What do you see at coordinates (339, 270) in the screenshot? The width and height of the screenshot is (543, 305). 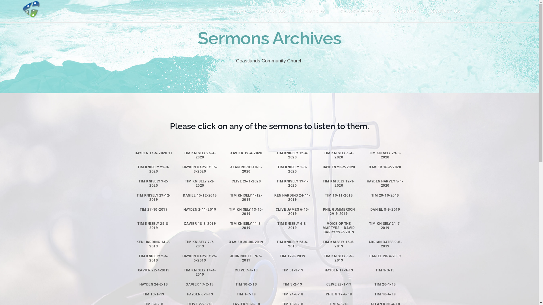 I see `'HAYDEN 17-3-19'` at bounding box center [339, 270].